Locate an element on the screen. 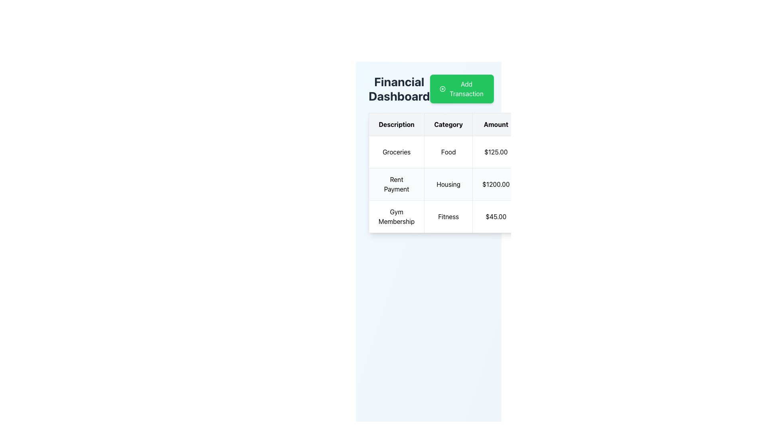 Image resolution: width=766 pixels, height=431 pixels. the 'Amount' text label in the header row of the table, which is styled with padding and centered alignment, displaying a bold, black font is located at coordinates (496, 125).